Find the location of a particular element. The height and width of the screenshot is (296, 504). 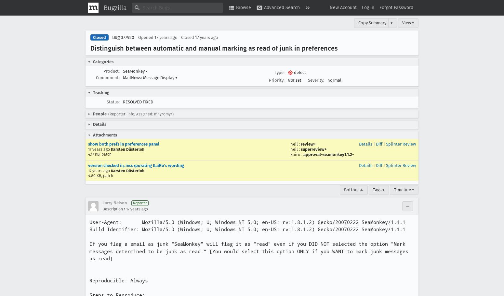

'View ▾' is located at coordinates (408, 22).